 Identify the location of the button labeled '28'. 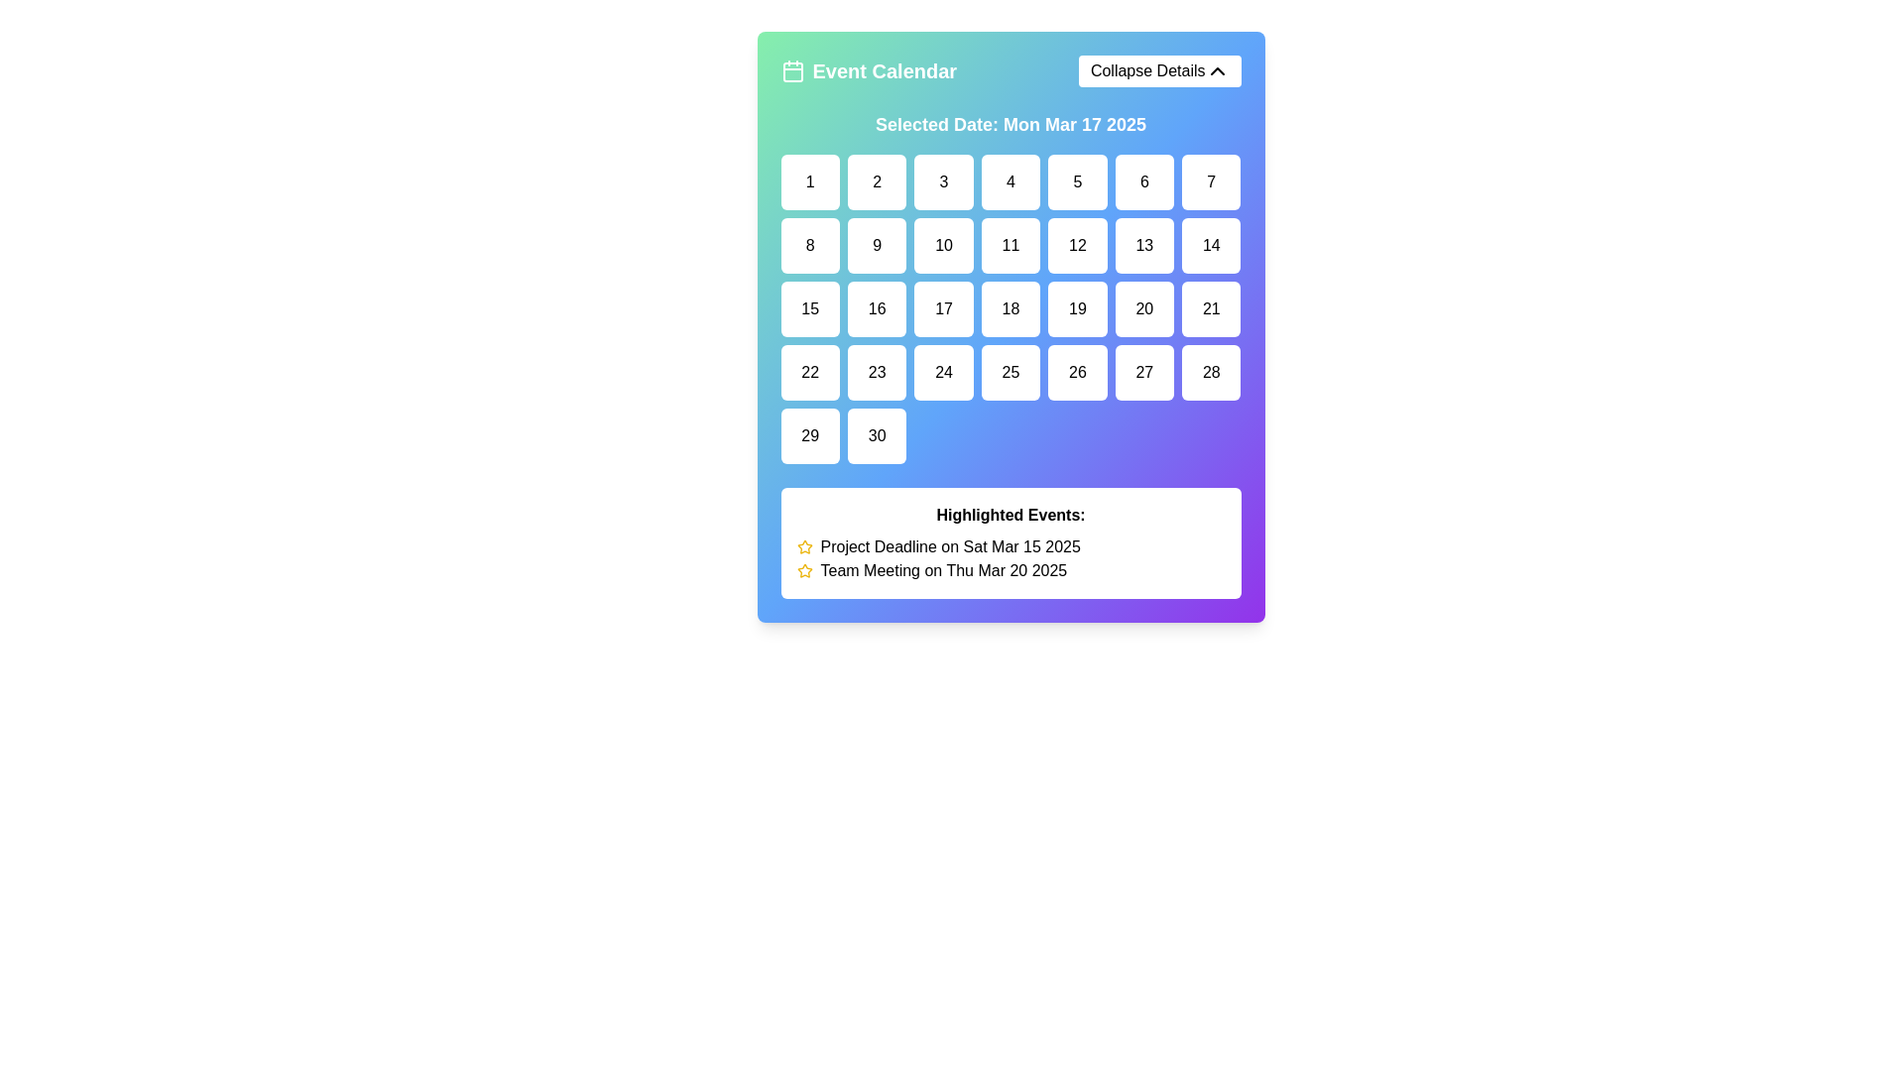
(1210, 372).